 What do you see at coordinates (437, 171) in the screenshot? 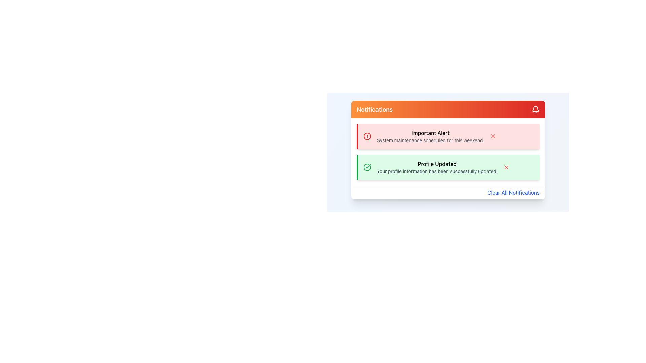
I see `confirmation message displayed in the text label located below the 'Profile Updated' title text within the green notification card in the 'Notifications' panel` at bounding box center [437, 171].